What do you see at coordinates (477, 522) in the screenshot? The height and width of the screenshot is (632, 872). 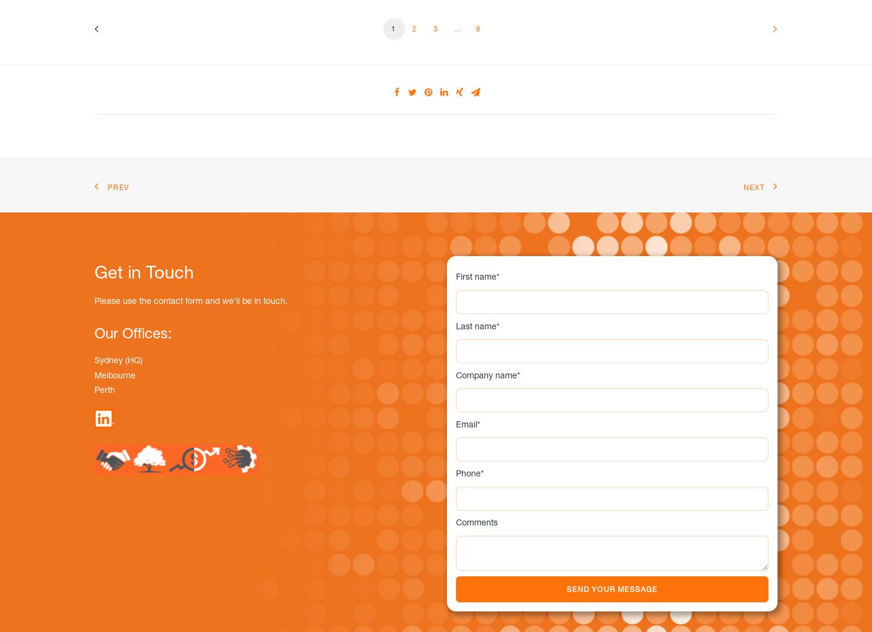 I see `'Comments'` at bounding box center [477, 522].